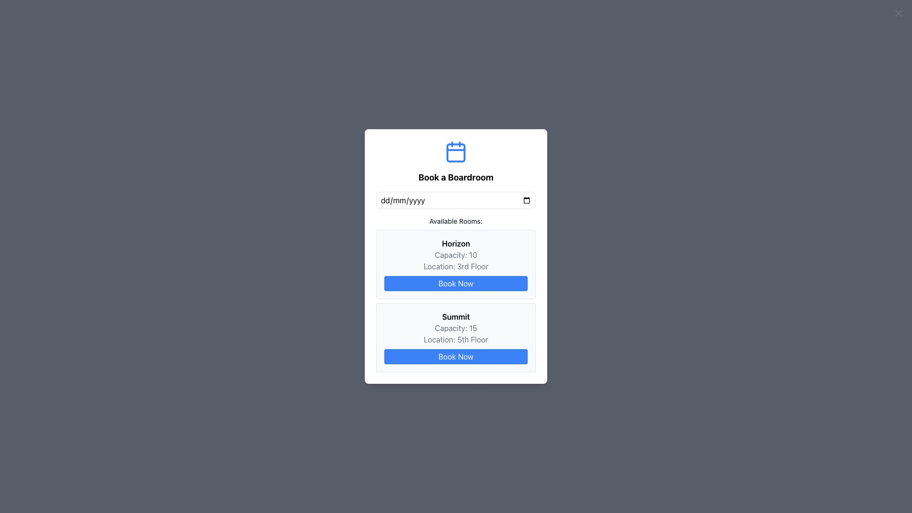 The image size is (912, 513). What do you see at coordinates (456, 243) in the screenshot?
I see `text label displaying 'Horizon' in bold font, which is located at the center of the card interface` at bounding box center [456, 243].